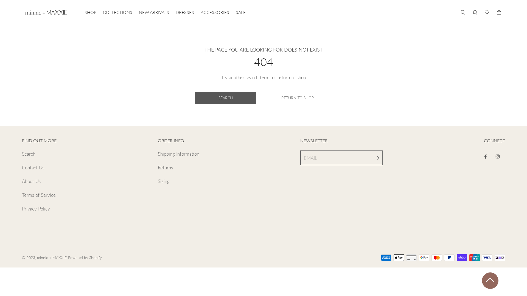 The image size is (527, 296). What do you see at coordinates (85, 258) in the screenshot?
I see `'Powered by Shopify'` at bounding box center [85, 258].